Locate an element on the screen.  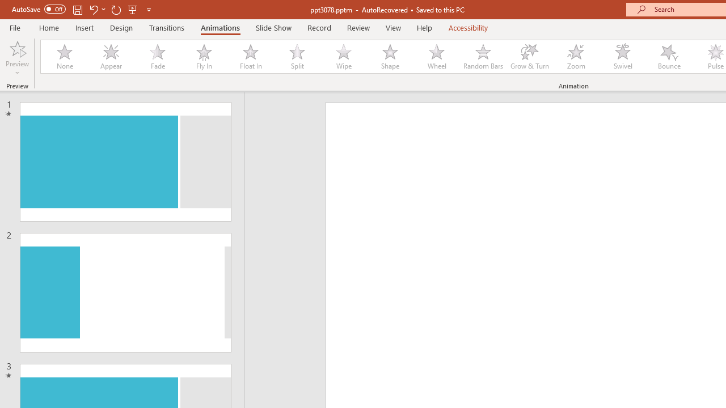
'Bounce' is located at coordinates (669, 57).